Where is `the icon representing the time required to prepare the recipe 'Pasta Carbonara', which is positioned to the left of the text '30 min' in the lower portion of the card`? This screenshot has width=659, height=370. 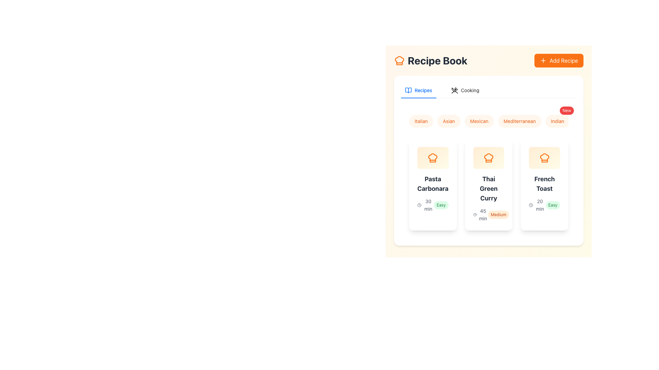
the icon representing the time required to prepare the recipe 'Pasta Carbonara', which is positioned to the left of the text '30 min' in the lower portion of the card is located at coordinates (419, 205).